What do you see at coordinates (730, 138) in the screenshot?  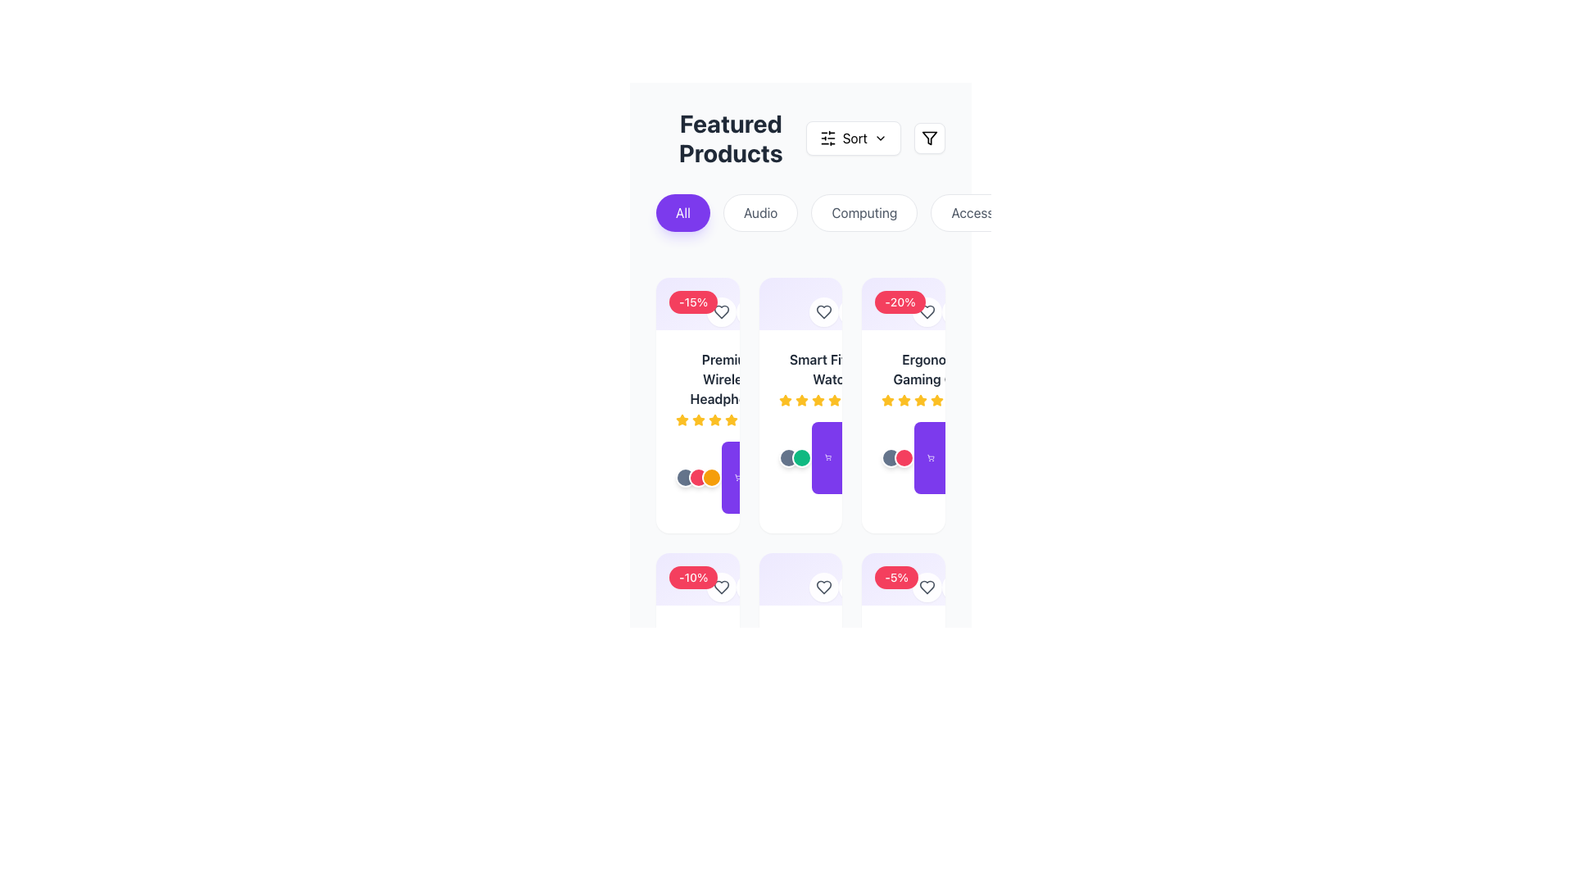 I see `text from the Text header that serves as a title for the section, positioned on the left side of the 'Sort' functionality` at bounding box center [730, 138].